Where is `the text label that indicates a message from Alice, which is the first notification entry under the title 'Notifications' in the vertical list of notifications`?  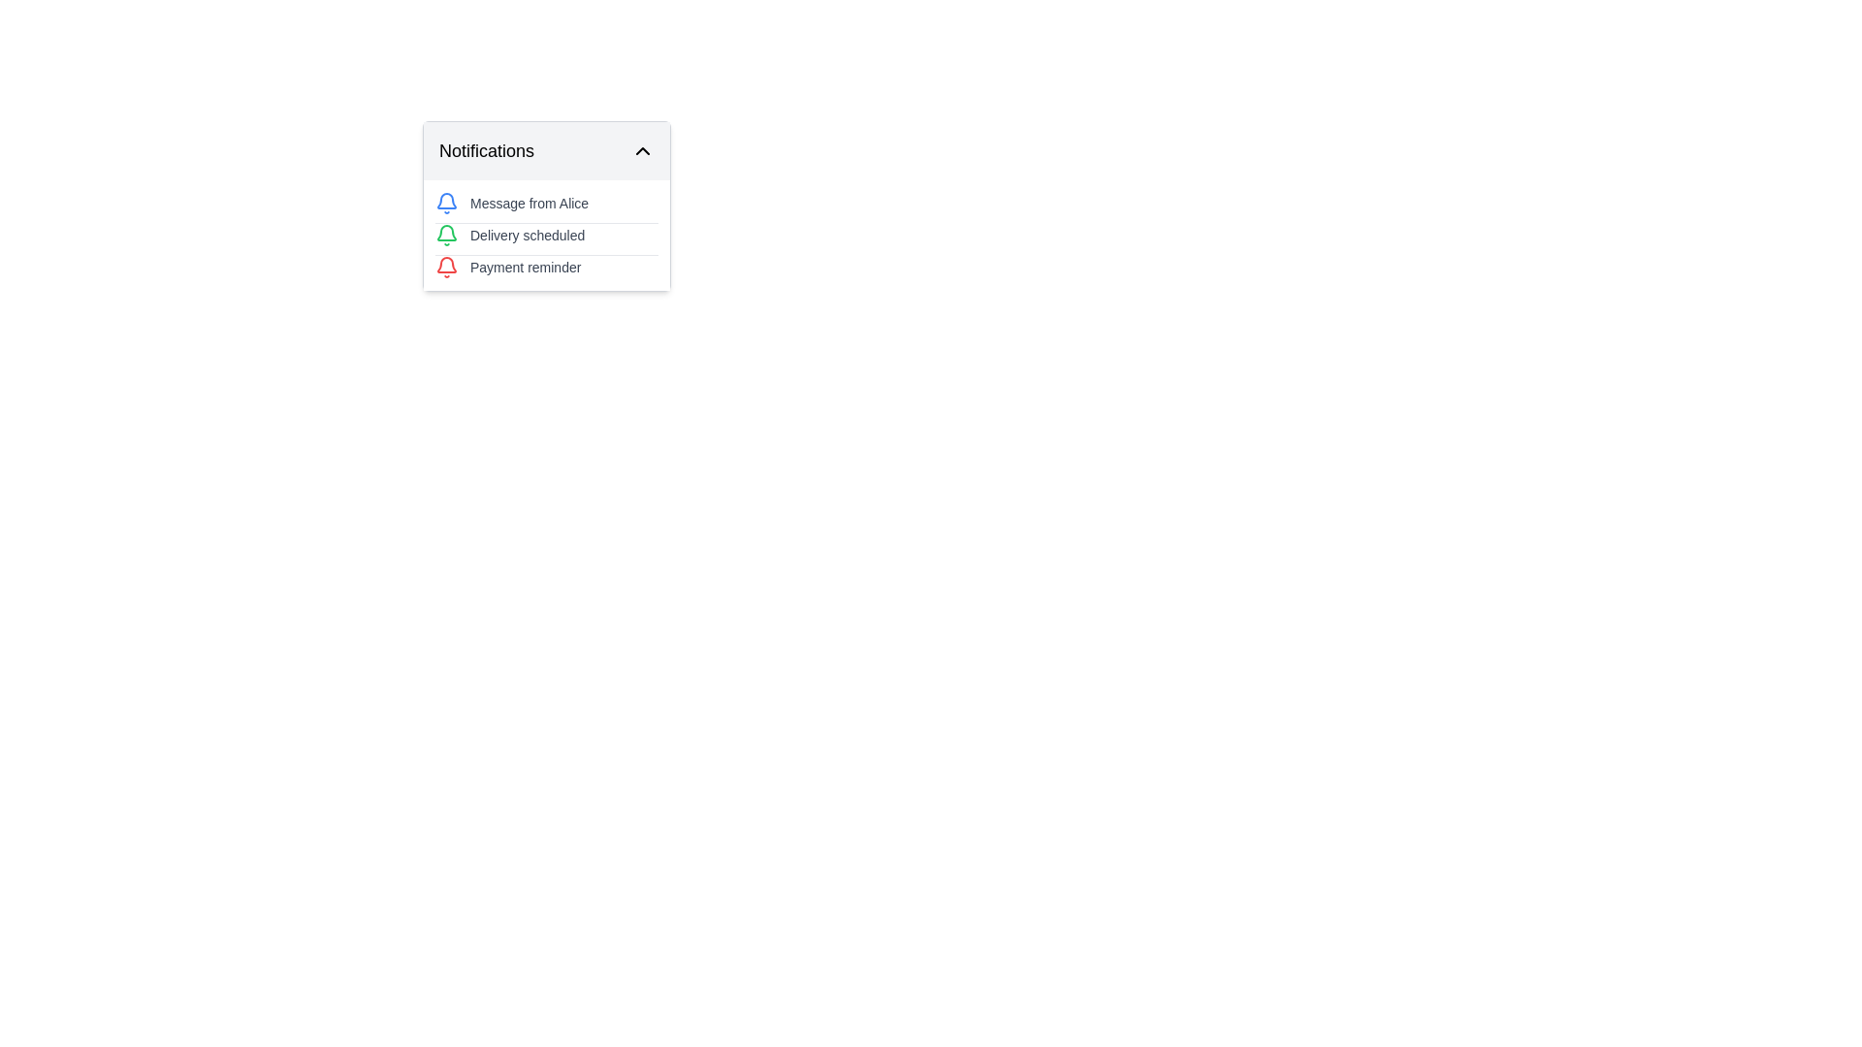
the text label that indicates a message from Alice, which is the first notification entry under the title 'Notifications' in the vertical list of notifications is located at coordinates (530, 203).